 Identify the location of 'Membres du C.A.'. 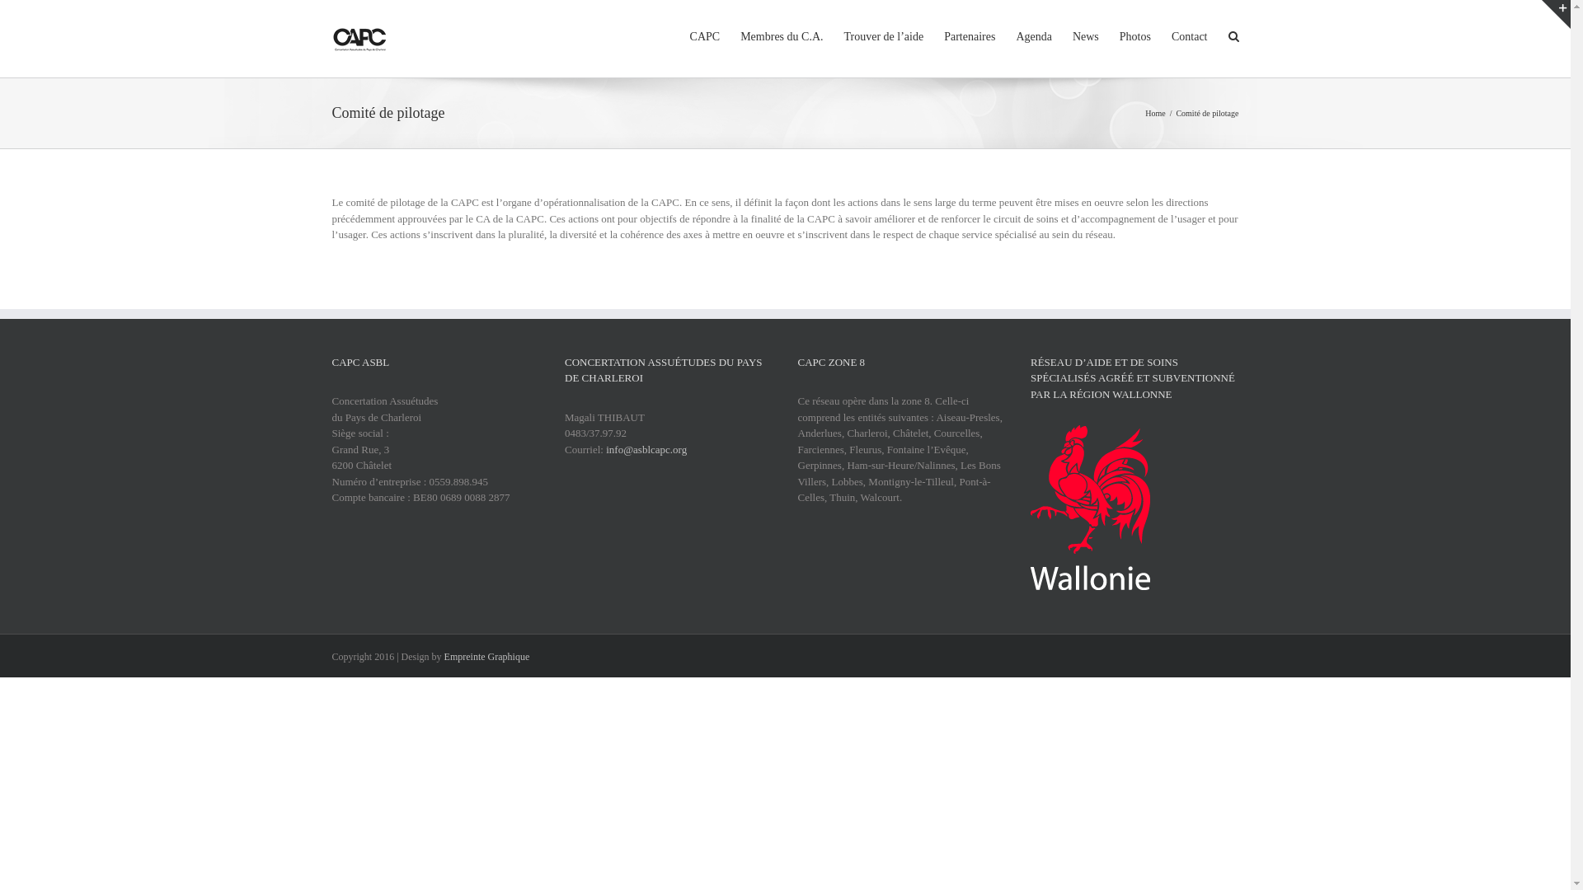
(781, 35).